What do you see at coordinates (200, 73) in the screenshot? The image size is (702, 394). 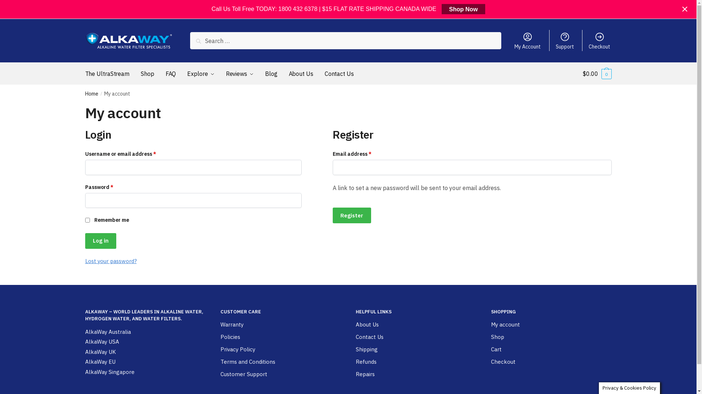 I see `'Explore'` at bounding box center [200, 73].